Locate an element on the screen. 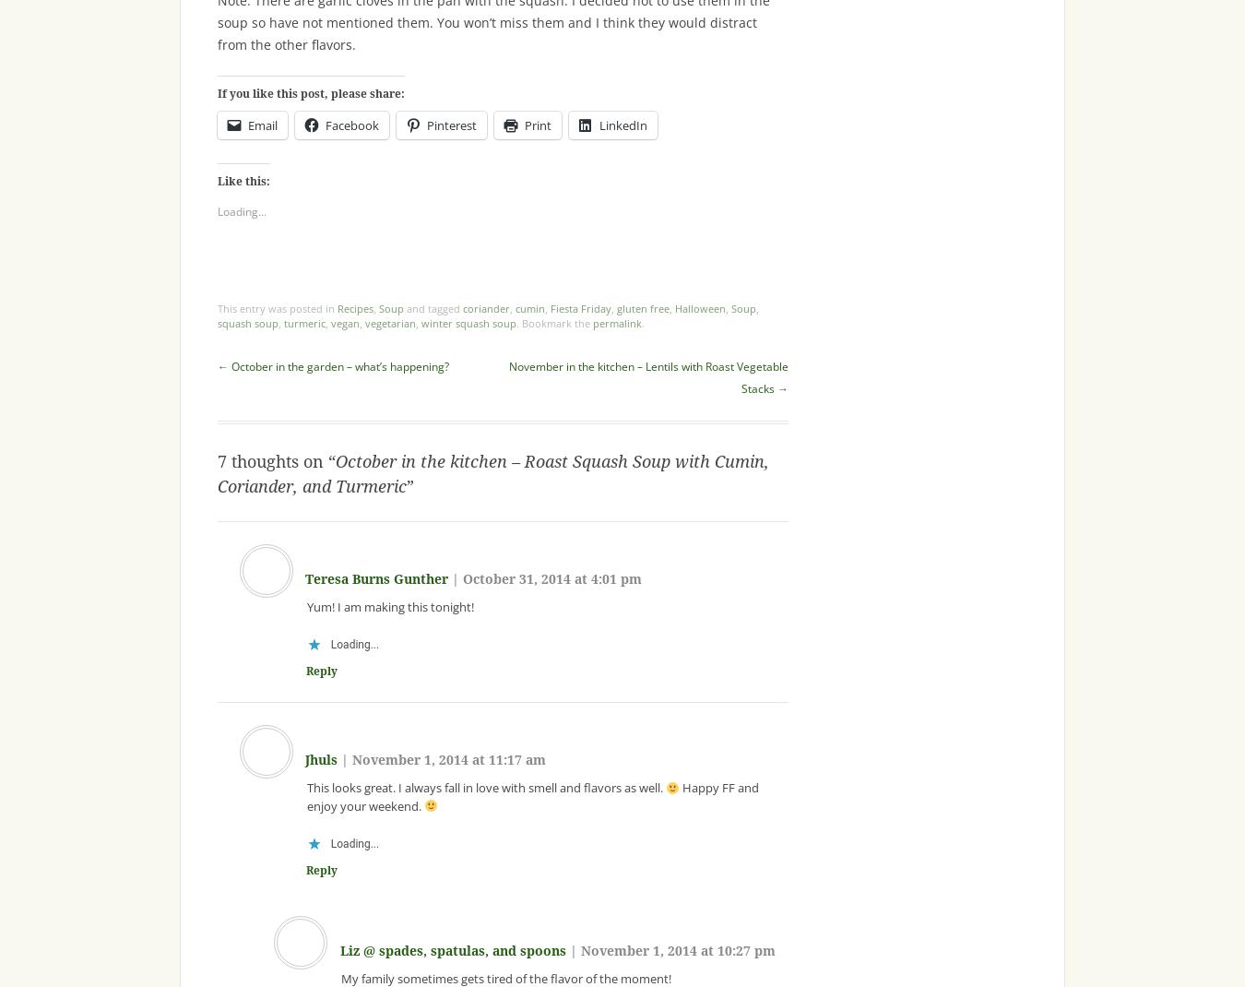  'Yum! I am making this tonight!' is located at coordinates (304, 607).